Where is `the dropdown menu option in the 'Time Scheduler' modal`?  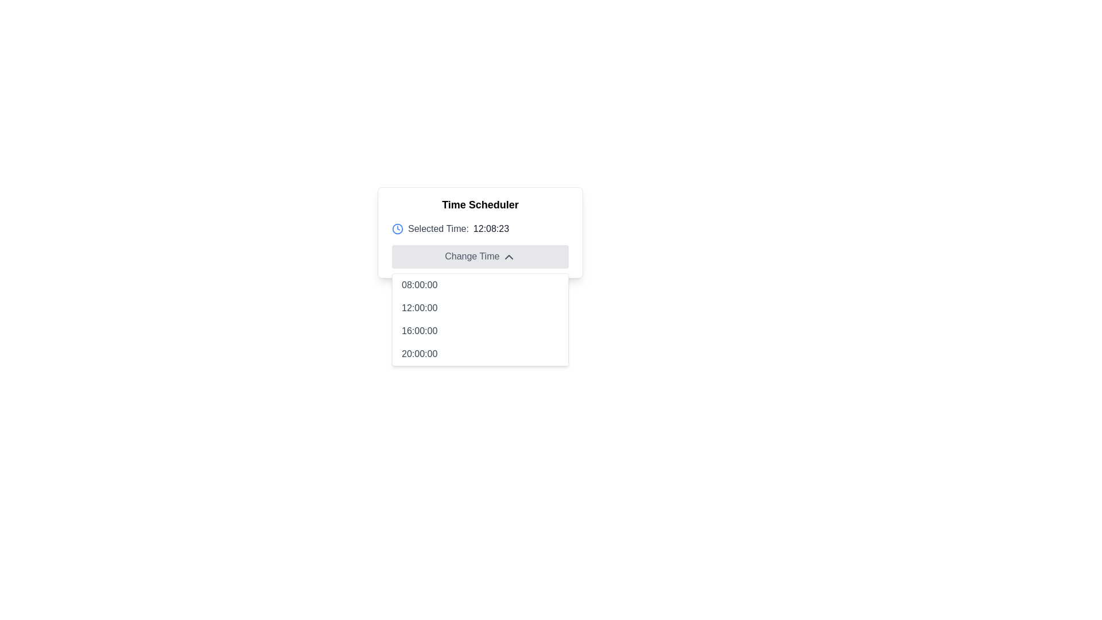
the dropdown menu option in the 'Time Scheduler' modal is located at coordinates (480, 319).